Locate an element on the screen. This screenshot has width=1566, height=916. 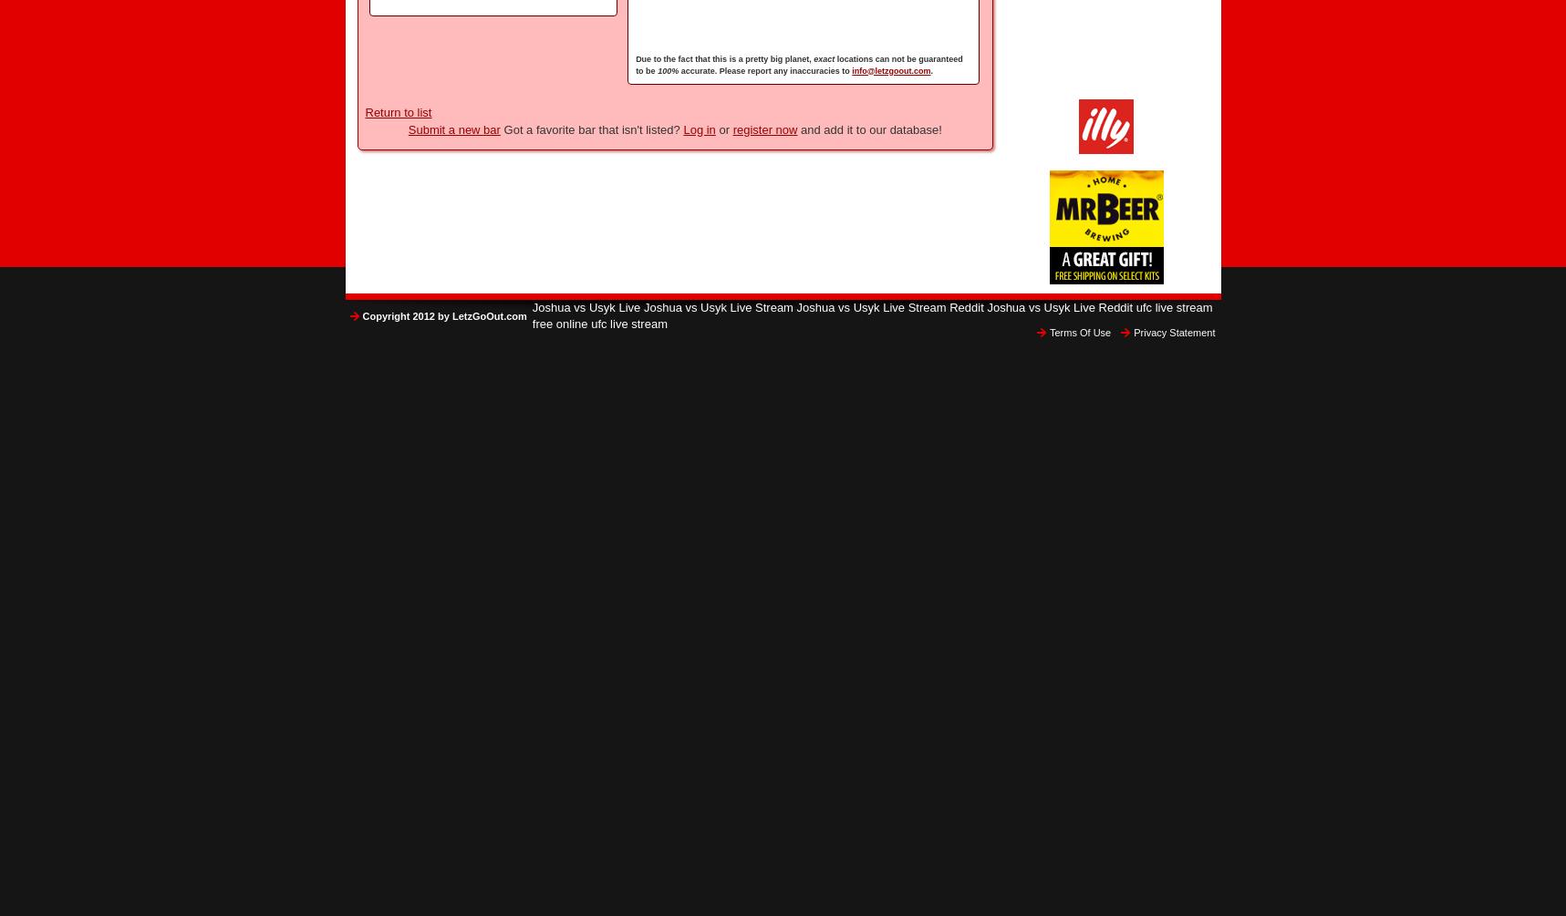
'info@letzgoout.com' is located at coordinates (852, 69).